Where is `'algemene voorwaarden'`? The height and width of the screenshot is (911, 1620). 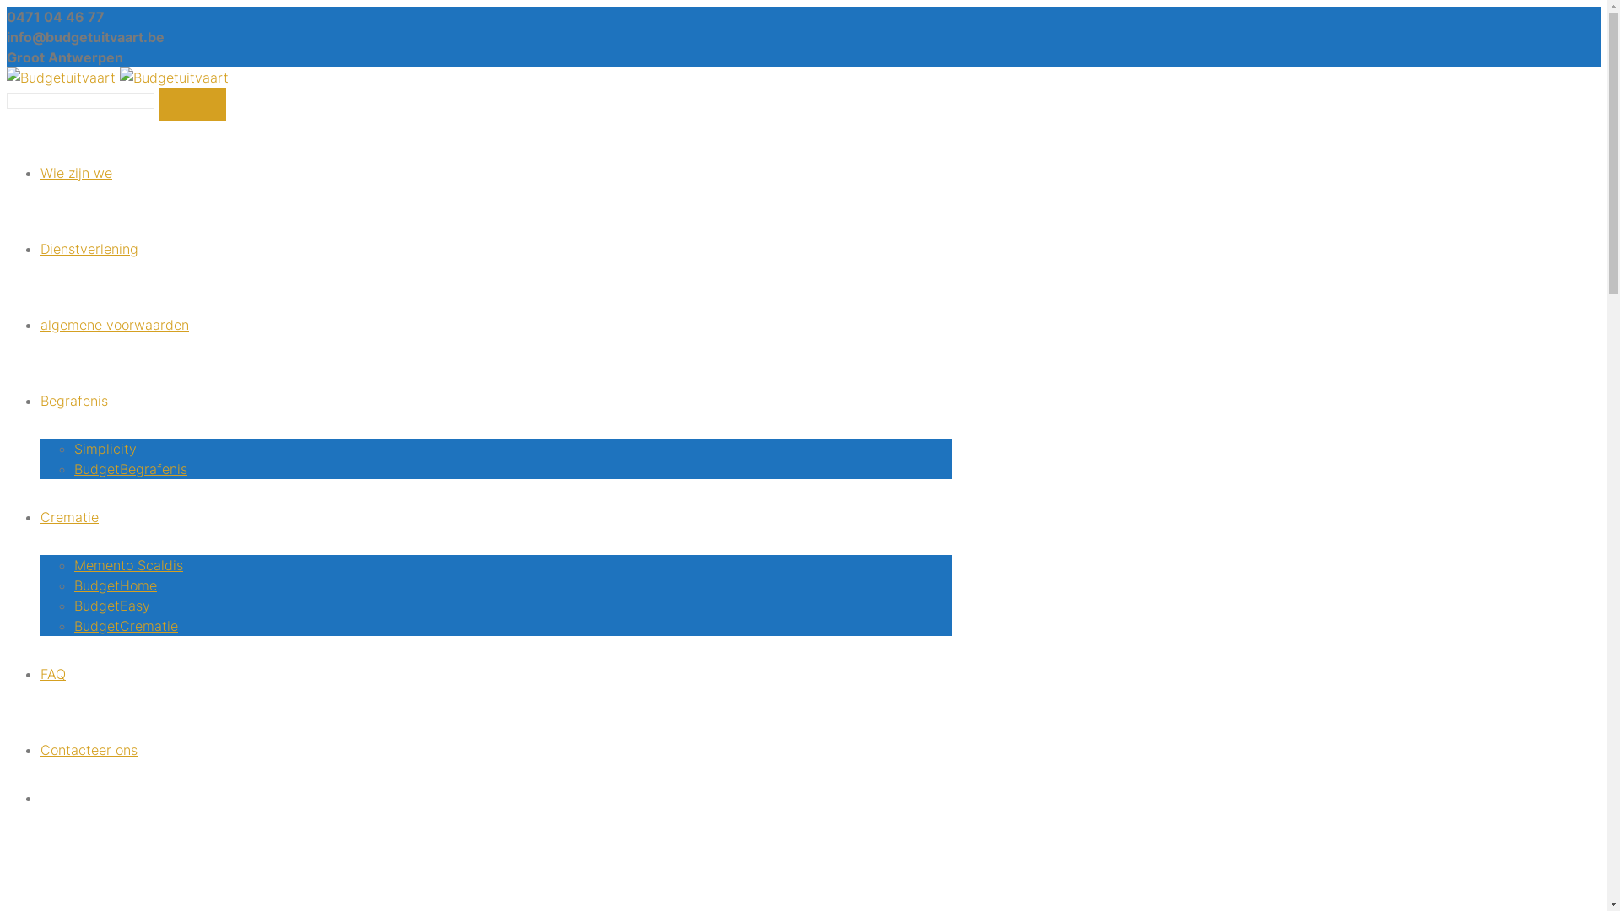 'algemene voorwaarden' is located at coordinates (113, 325).